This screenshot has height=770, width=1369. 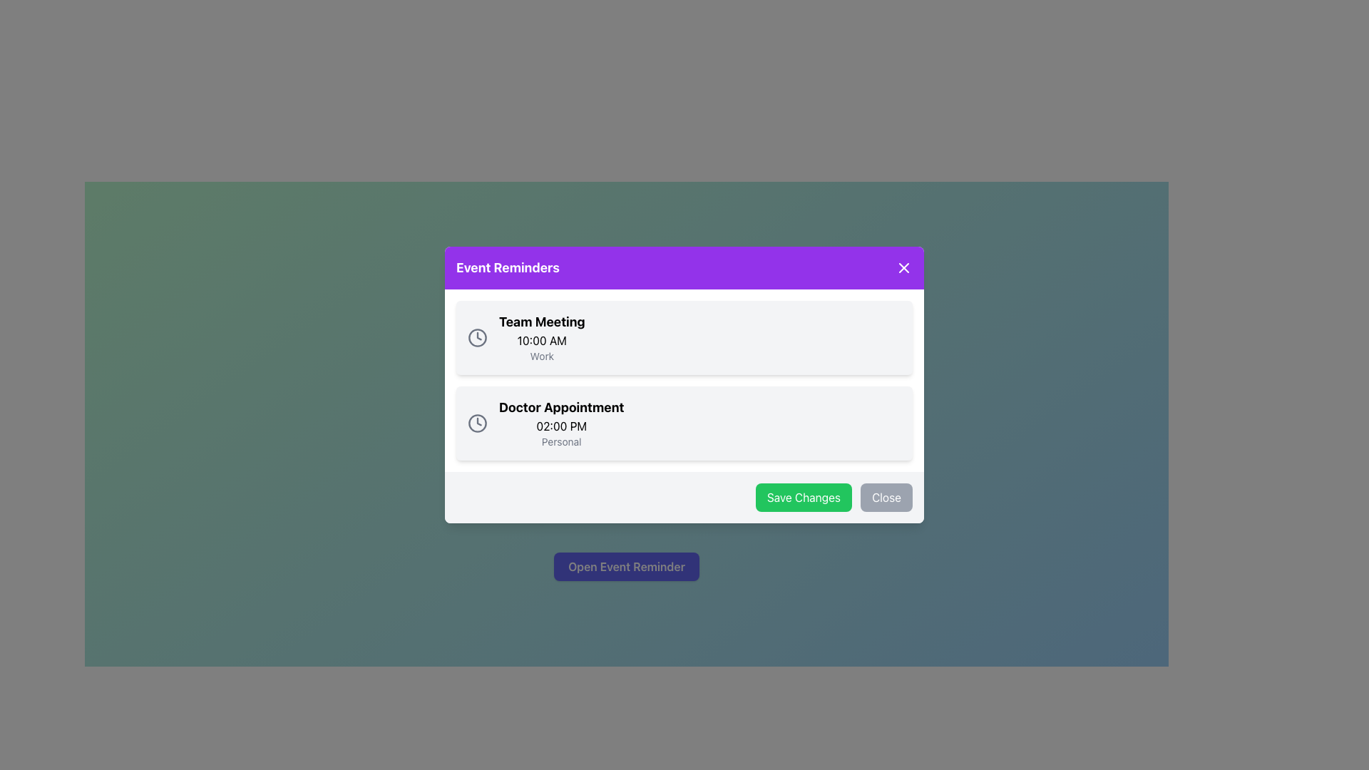 I want to click on the text label that serves as the title for the 'Doctor Appointment' event reminder card, located in the second row of the reminders list, so click(x=560, y=407).